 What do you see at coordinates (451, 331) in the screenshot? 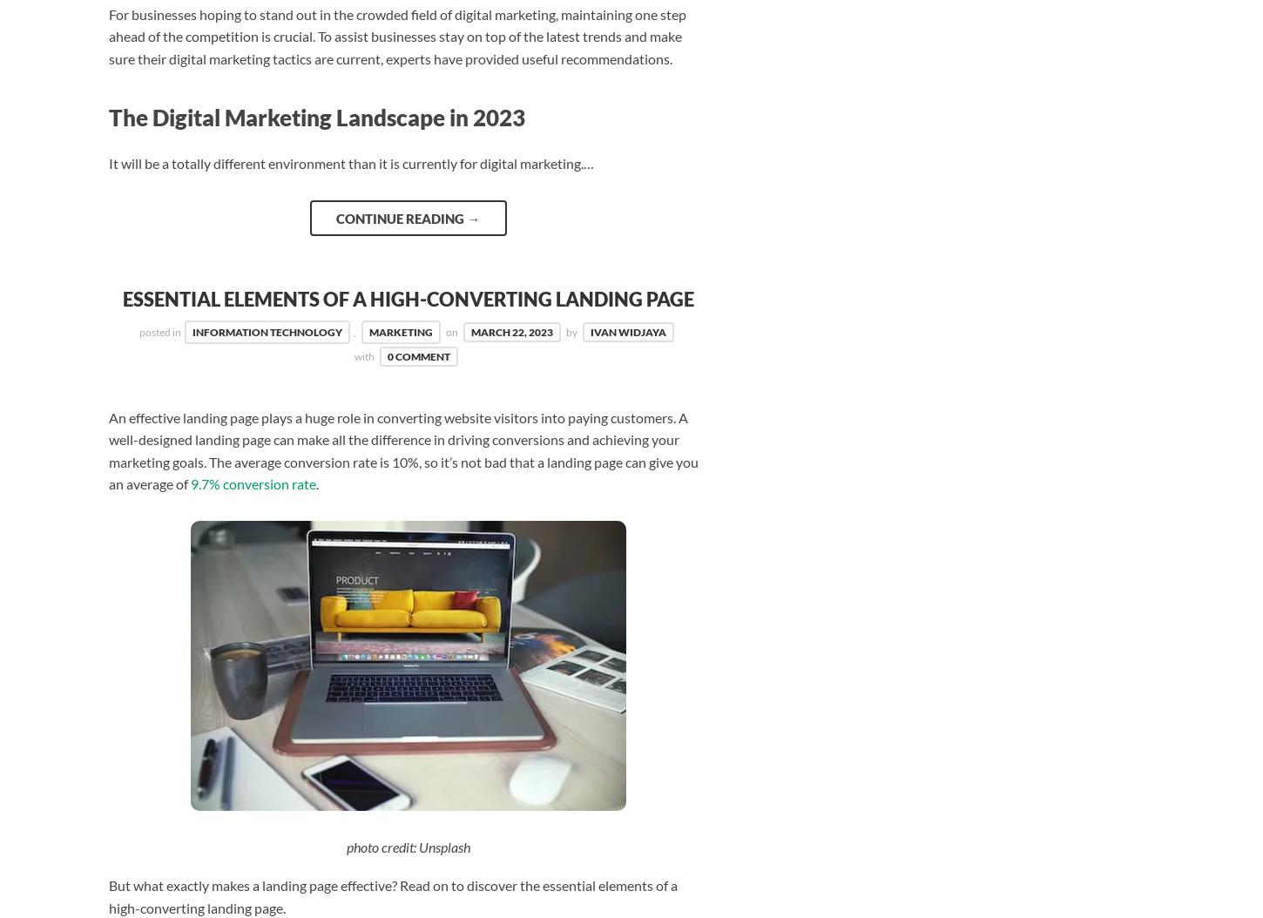
I see `'on'` at bounding box center [451, 331].